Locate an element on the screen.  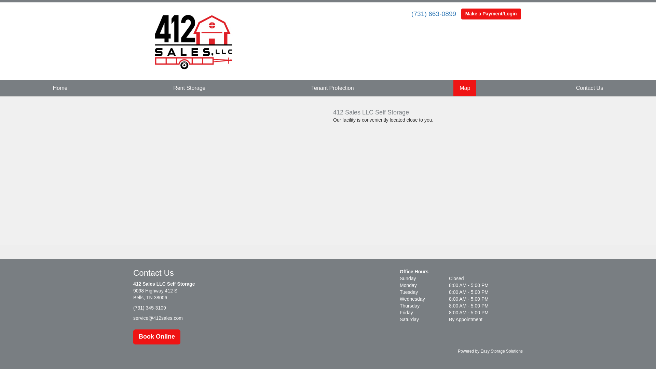
'service@412sales.com' is located at coordinates (158, 318).